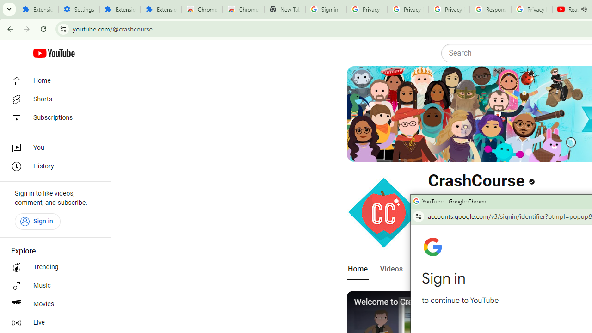 This screenshot has width=592, height=333. I want to click on 'Chrome Web Store - Themes', so click(243, 9).